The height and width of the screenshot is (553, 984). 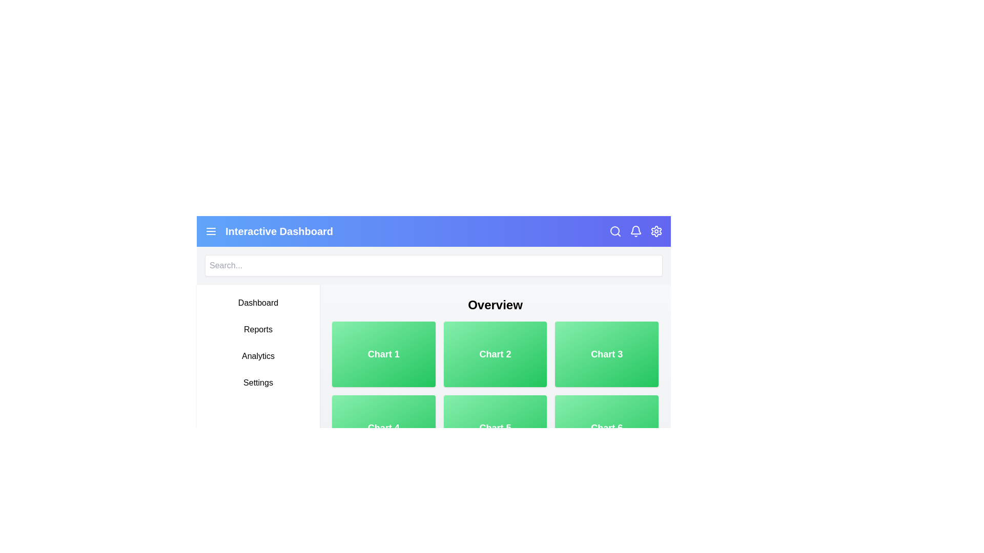 What do you see at coordinates (615, 231) in the screenshot?
I see `the search icon to toggle the visibility of the search bar` at bounding box center [615, 231].